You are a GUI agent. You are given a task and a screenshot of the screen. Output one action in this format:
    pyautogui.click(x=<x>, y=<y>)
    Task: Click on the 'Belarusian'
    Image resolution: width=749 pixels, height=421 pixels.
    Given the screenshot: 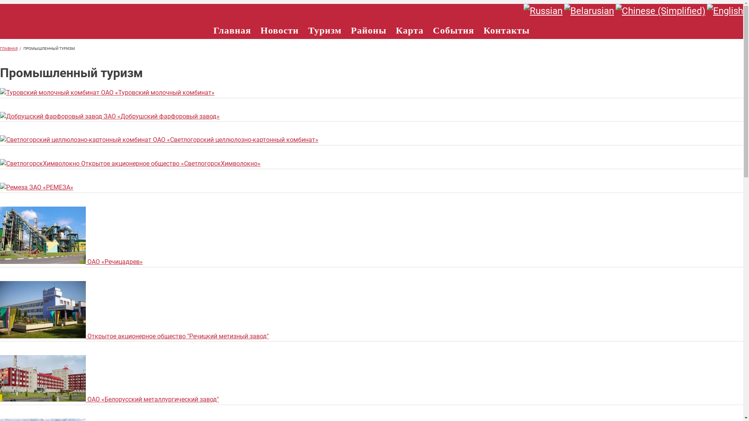 What is the action you would take?
    pyautogui.click(x=589, y=11)
    